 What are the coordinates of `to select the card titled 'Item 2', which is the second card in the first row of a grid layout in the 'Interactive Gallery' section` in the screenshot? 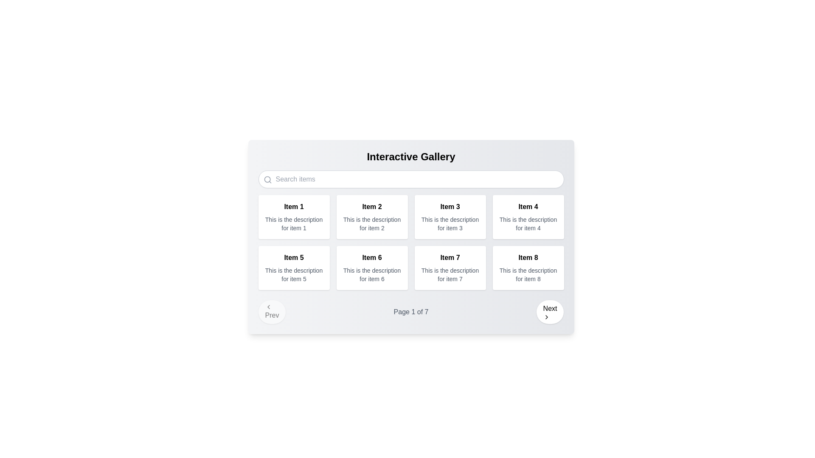 It's located at (411, 237).